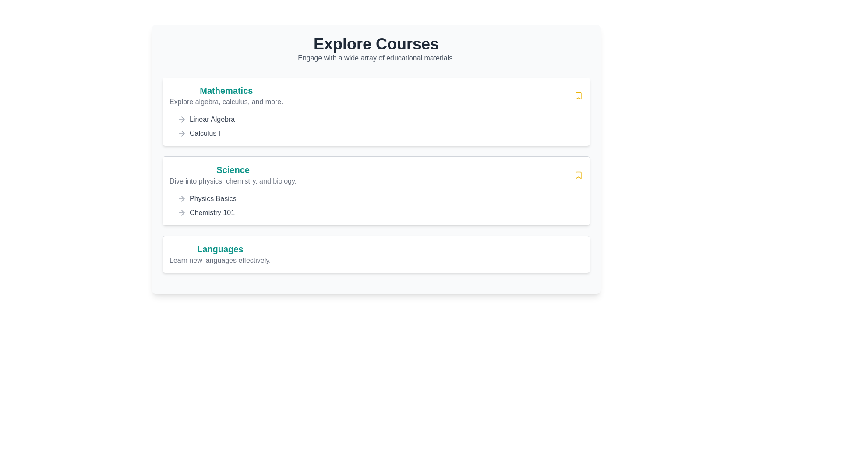  Describe the element at coordinates (212, 213) in the screenshot. I see `the 'Chemistry 101' hyperlink located as the second item` at that location.